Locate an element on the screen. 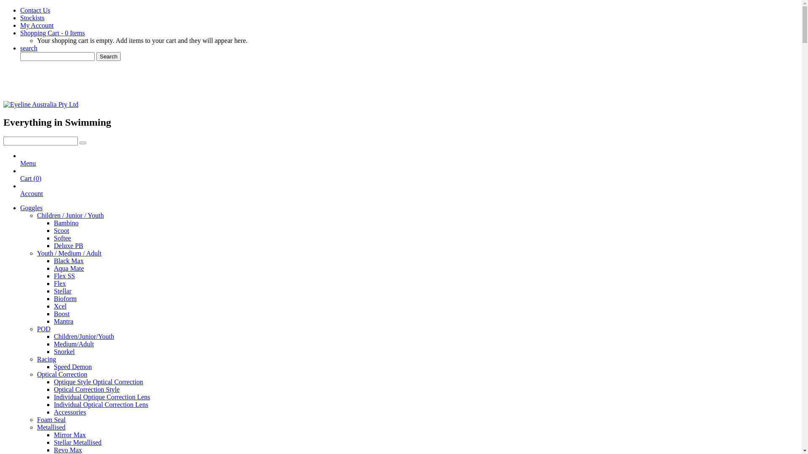 The image size is (808, 454). 'Goggles' is located at coordinates (31, 208).